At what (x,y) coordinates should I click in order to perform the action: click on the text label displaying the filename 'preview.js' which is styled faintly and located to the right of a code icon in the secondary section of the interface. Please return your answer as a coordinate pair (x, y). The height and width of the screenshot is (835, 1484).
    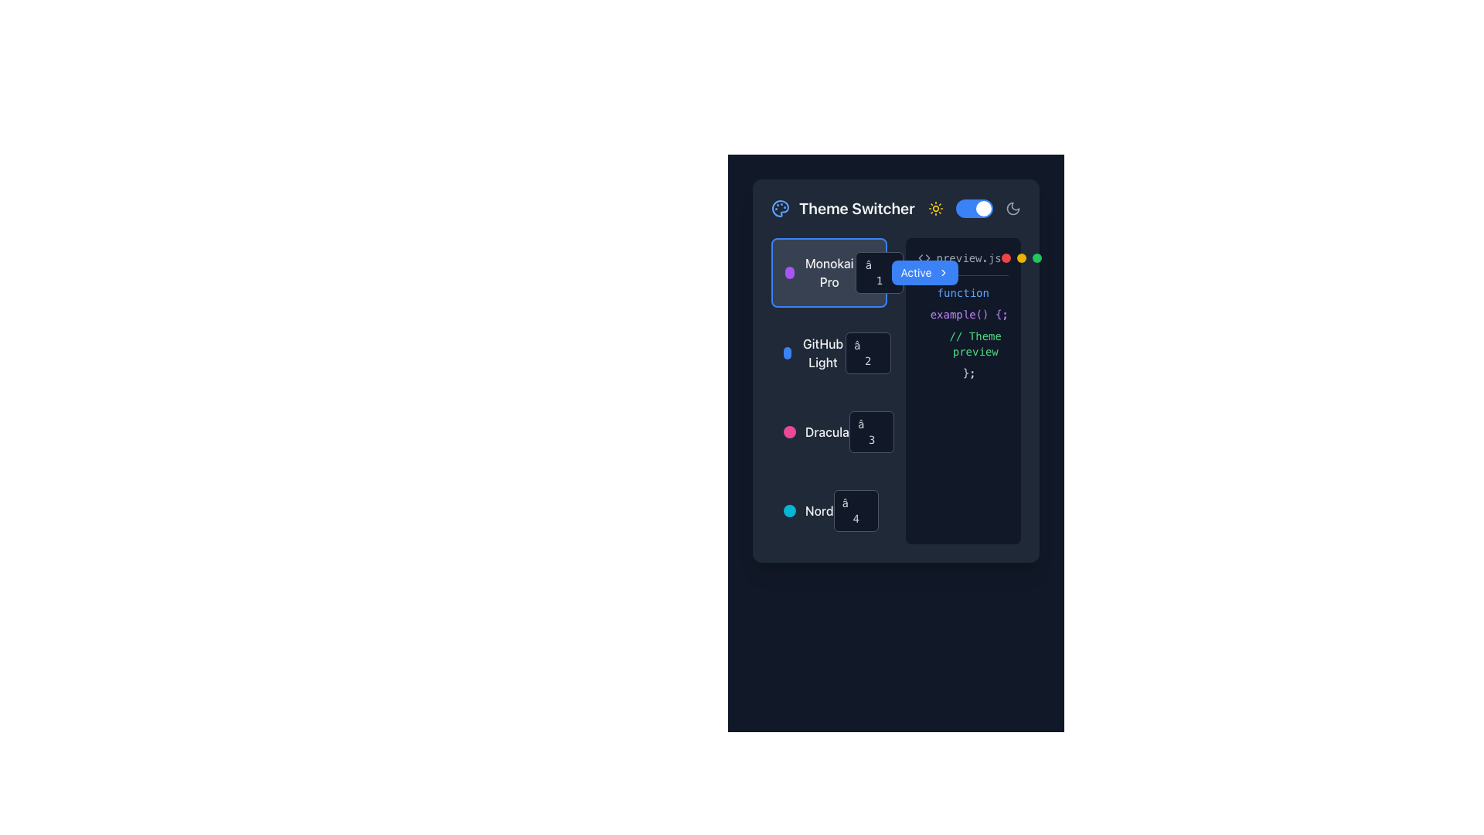
    Looking at the image, I should click on (968, 257).